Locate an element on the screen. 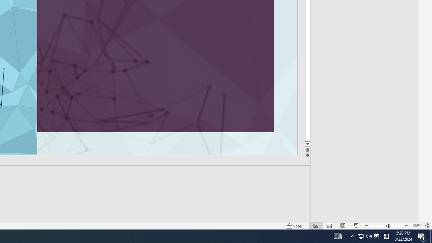  'Reading View' is located at coordinates (343, 226).